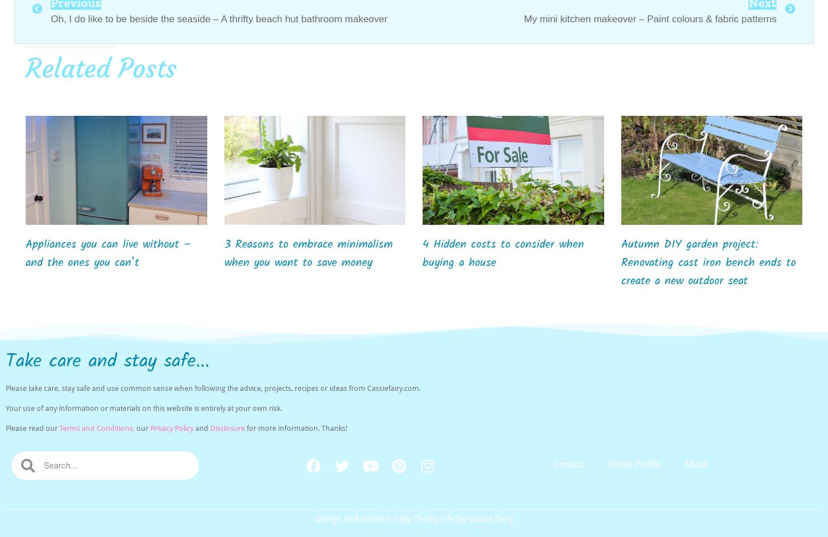  What do you see at coordinates (218, 18) in the screenshot?
I see `'Oh, I do like to be beside the seaside – A thrifty beach hut bathroom makeover'` at bounding box center [218, 18].